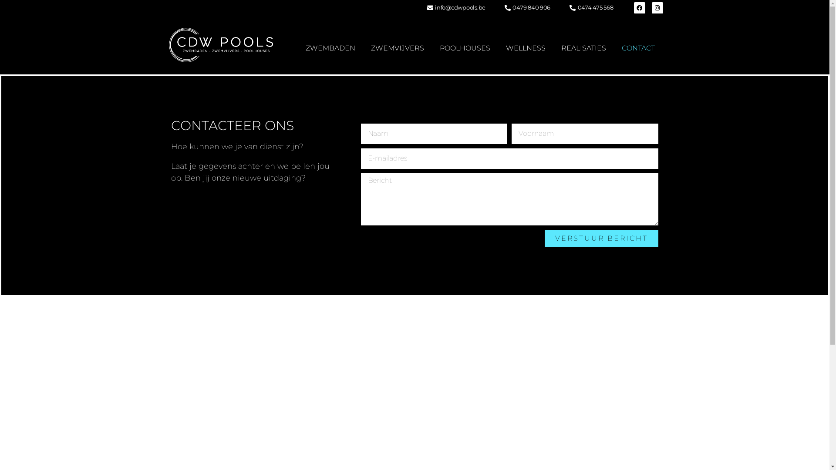  Describe the element at coordinates (465, 48) in the screenshot. I see `'POOLHOUSES'` at that location.